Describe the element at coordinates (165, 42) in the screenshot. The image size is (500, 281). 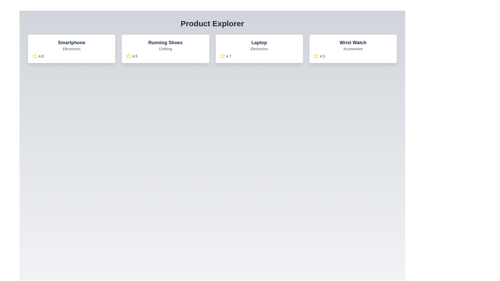
I see `the 'Running Shoes' text label` at that location.